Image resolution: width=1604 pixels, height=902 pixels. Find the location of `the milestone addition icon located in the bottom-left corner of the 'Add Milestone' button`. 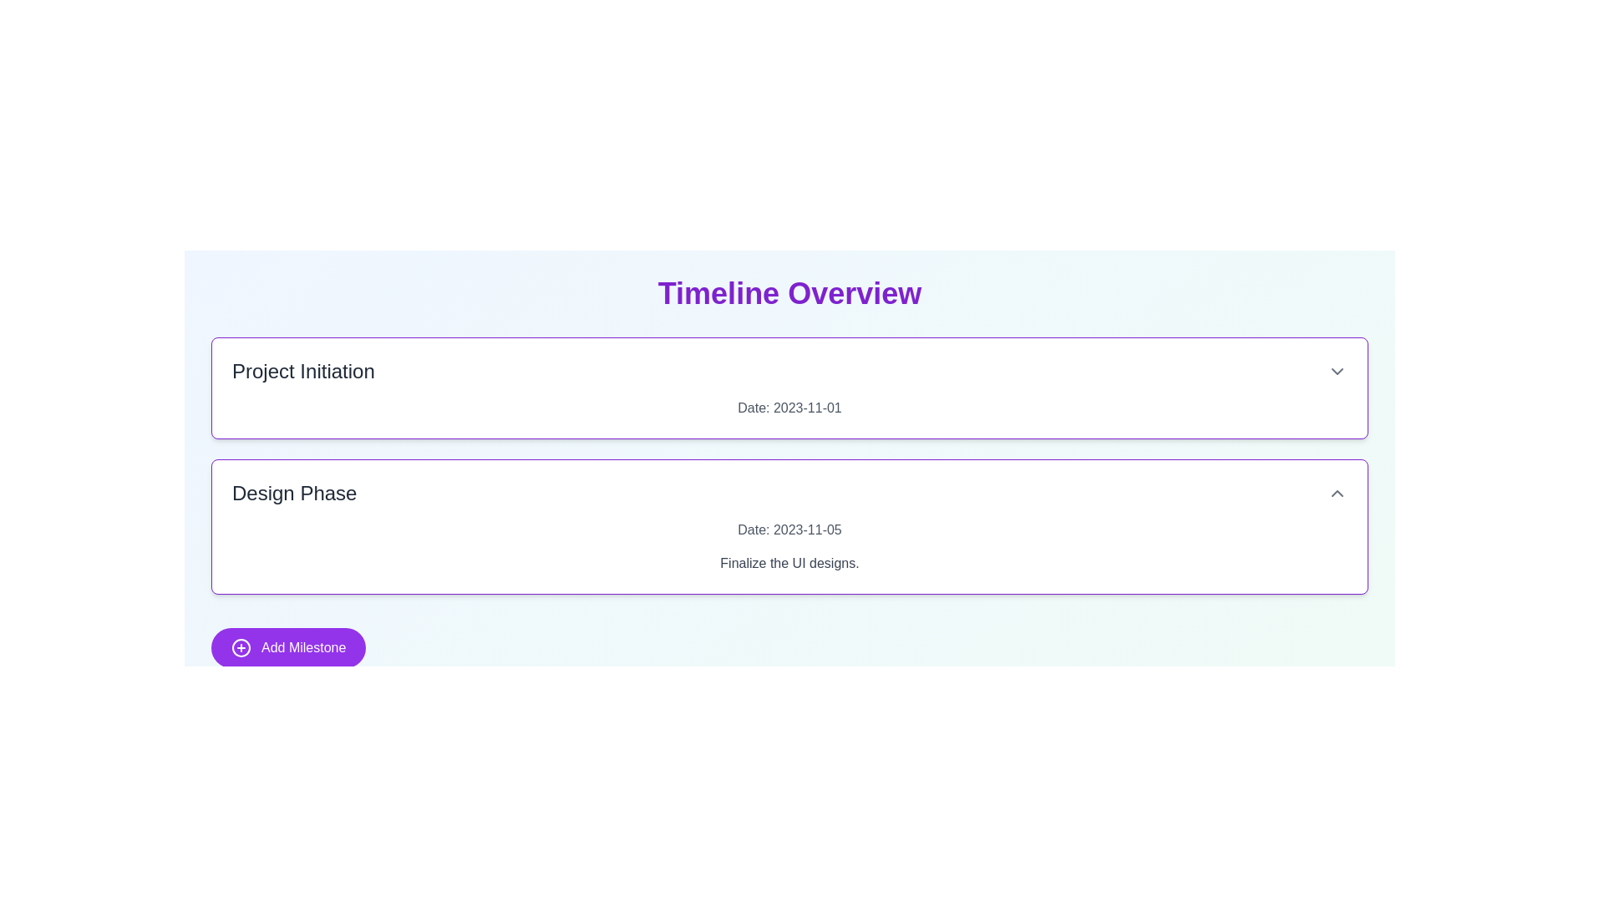

the milestone addition icon located in the bottom-left corner of the 'Add Milestone' button is located at coordinates (240, 646).